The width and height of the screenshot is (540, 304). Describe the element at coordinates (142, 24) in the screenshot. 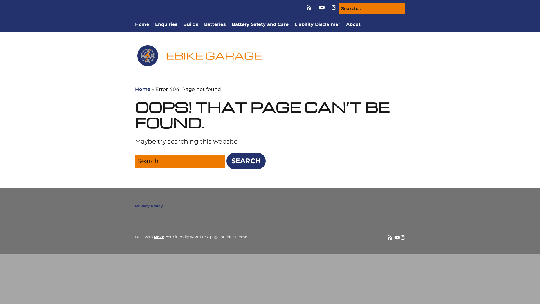

I see `'Home'` at that location.